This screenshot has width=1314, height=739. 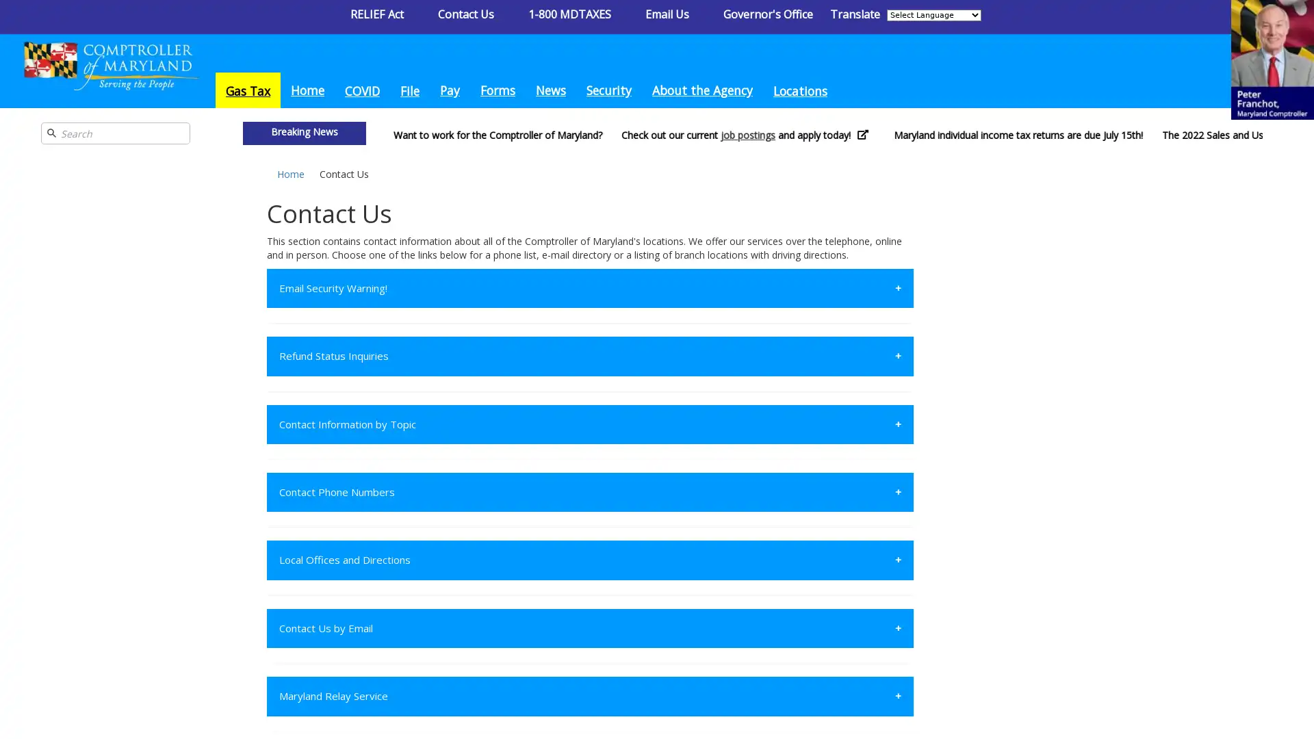 What do you see at coordinates (590, 530) in the screenshot?
I see `Administration +` at bounding box center [590, 530].